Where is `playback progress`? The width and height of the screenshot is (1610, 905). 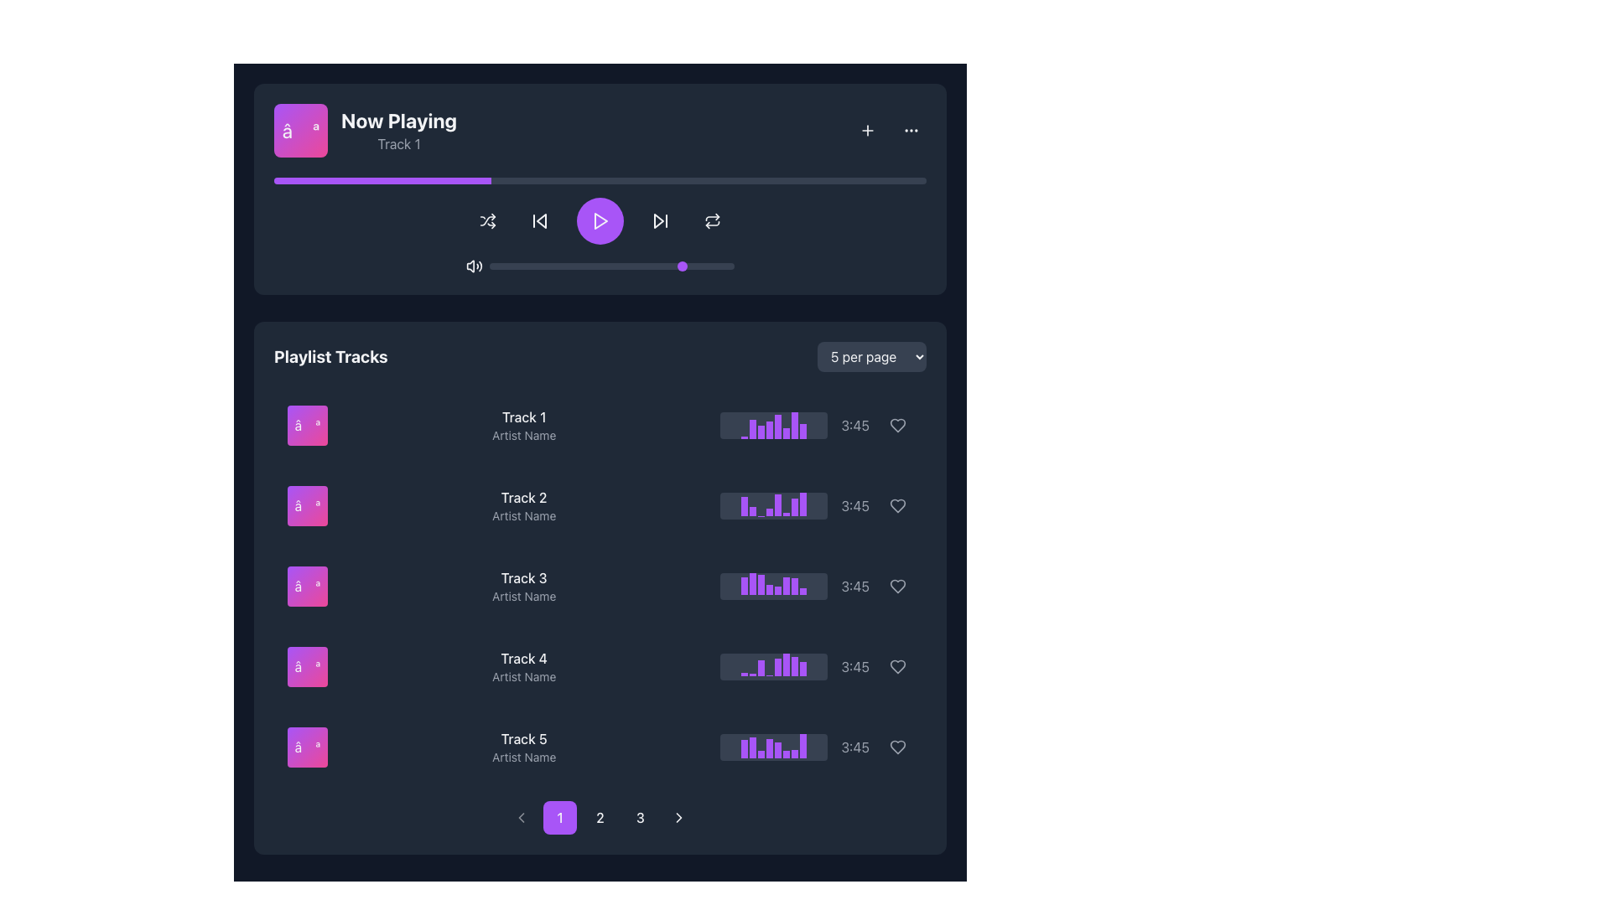
playback progress is located at coordinates (377, 181).